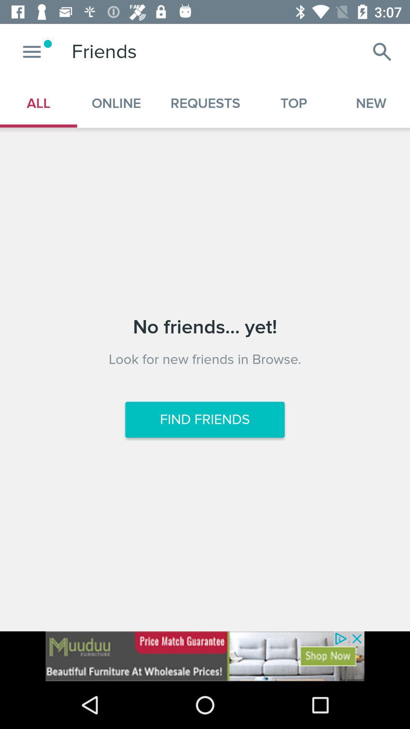 The height and width of the screenshot is (729, 410). I want to click on advertisement banner, so click(205, 656).